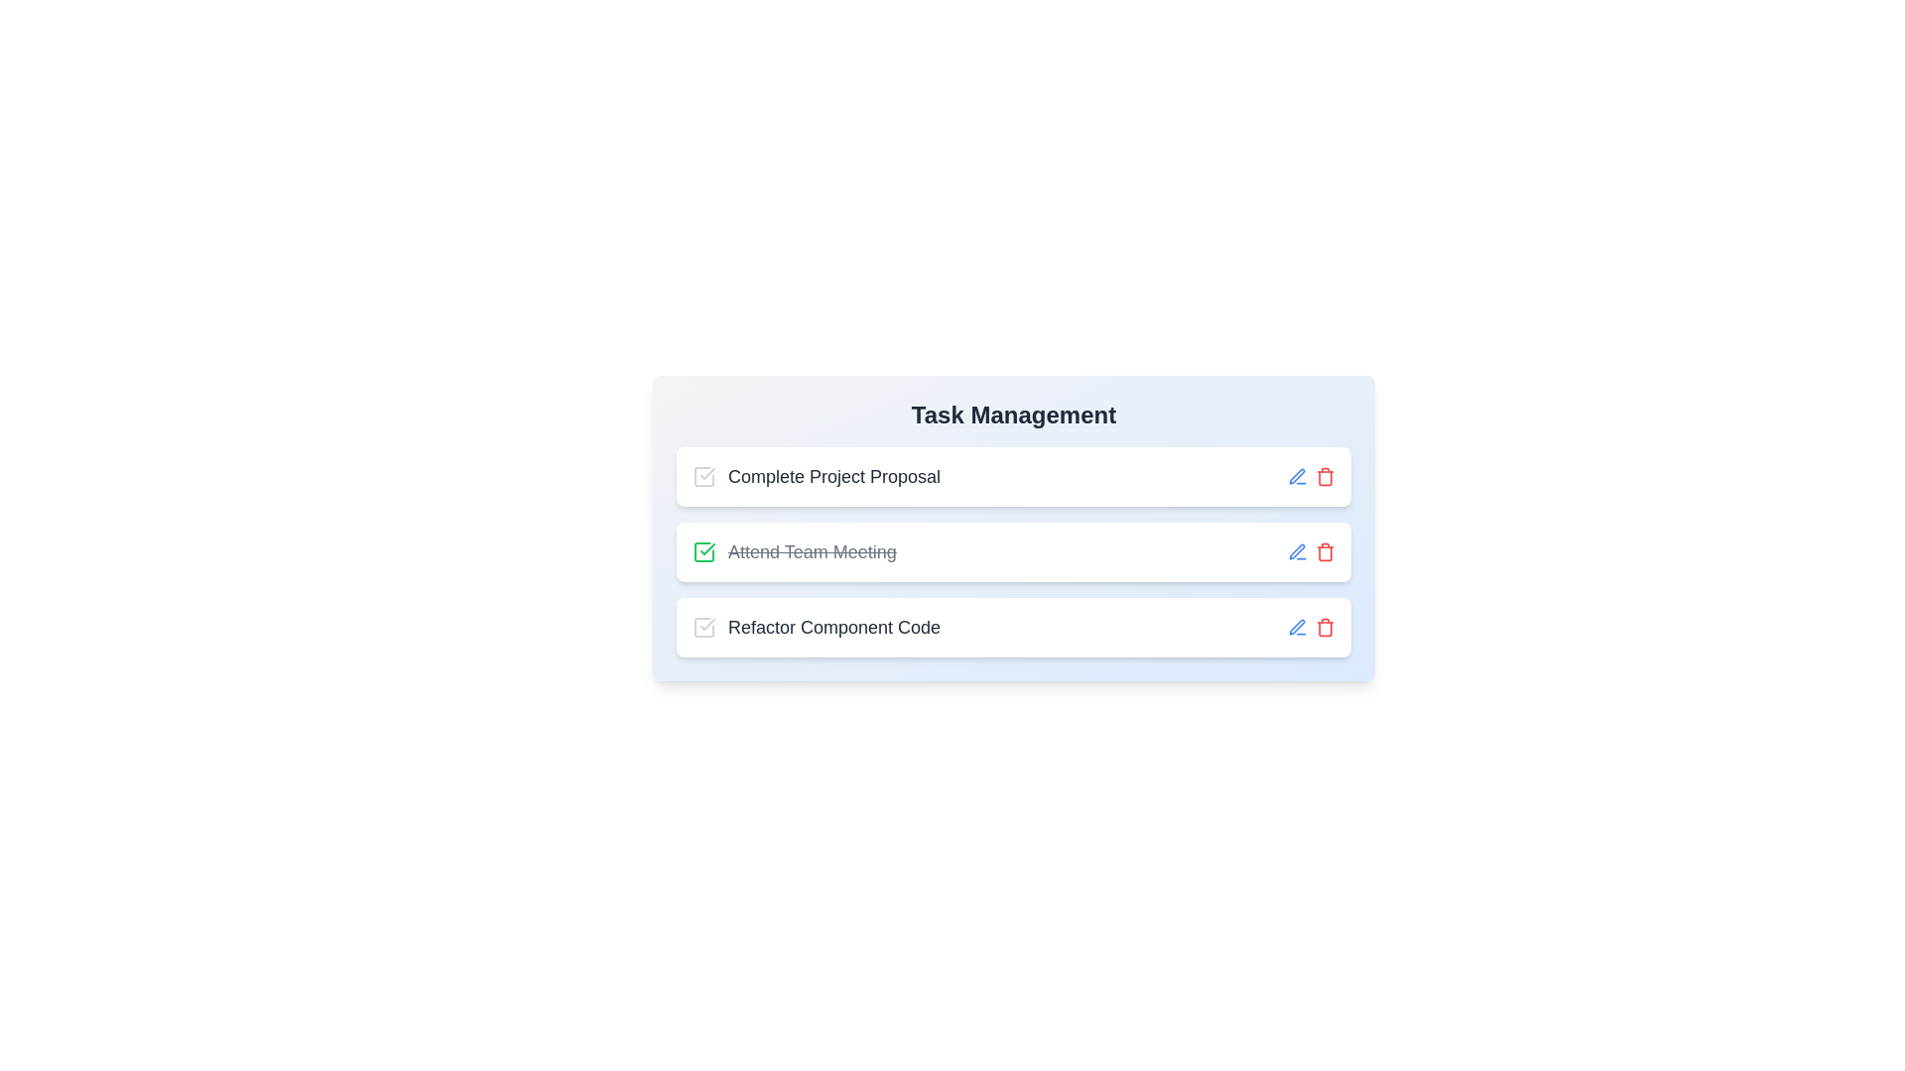  I want to click on the completed task Text Label located under 'Task Management', which has a strikethrough, a green checkbox icon to its left, and clickable icons to its right, so click(812, 551).